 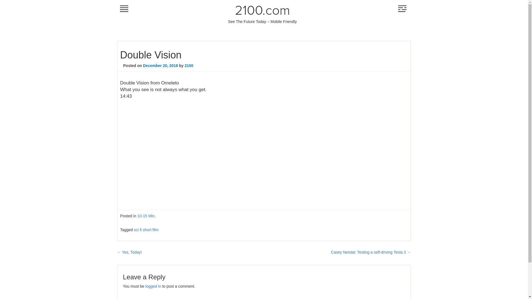 I want to click on '2100.com', so click(x=262, y=11).